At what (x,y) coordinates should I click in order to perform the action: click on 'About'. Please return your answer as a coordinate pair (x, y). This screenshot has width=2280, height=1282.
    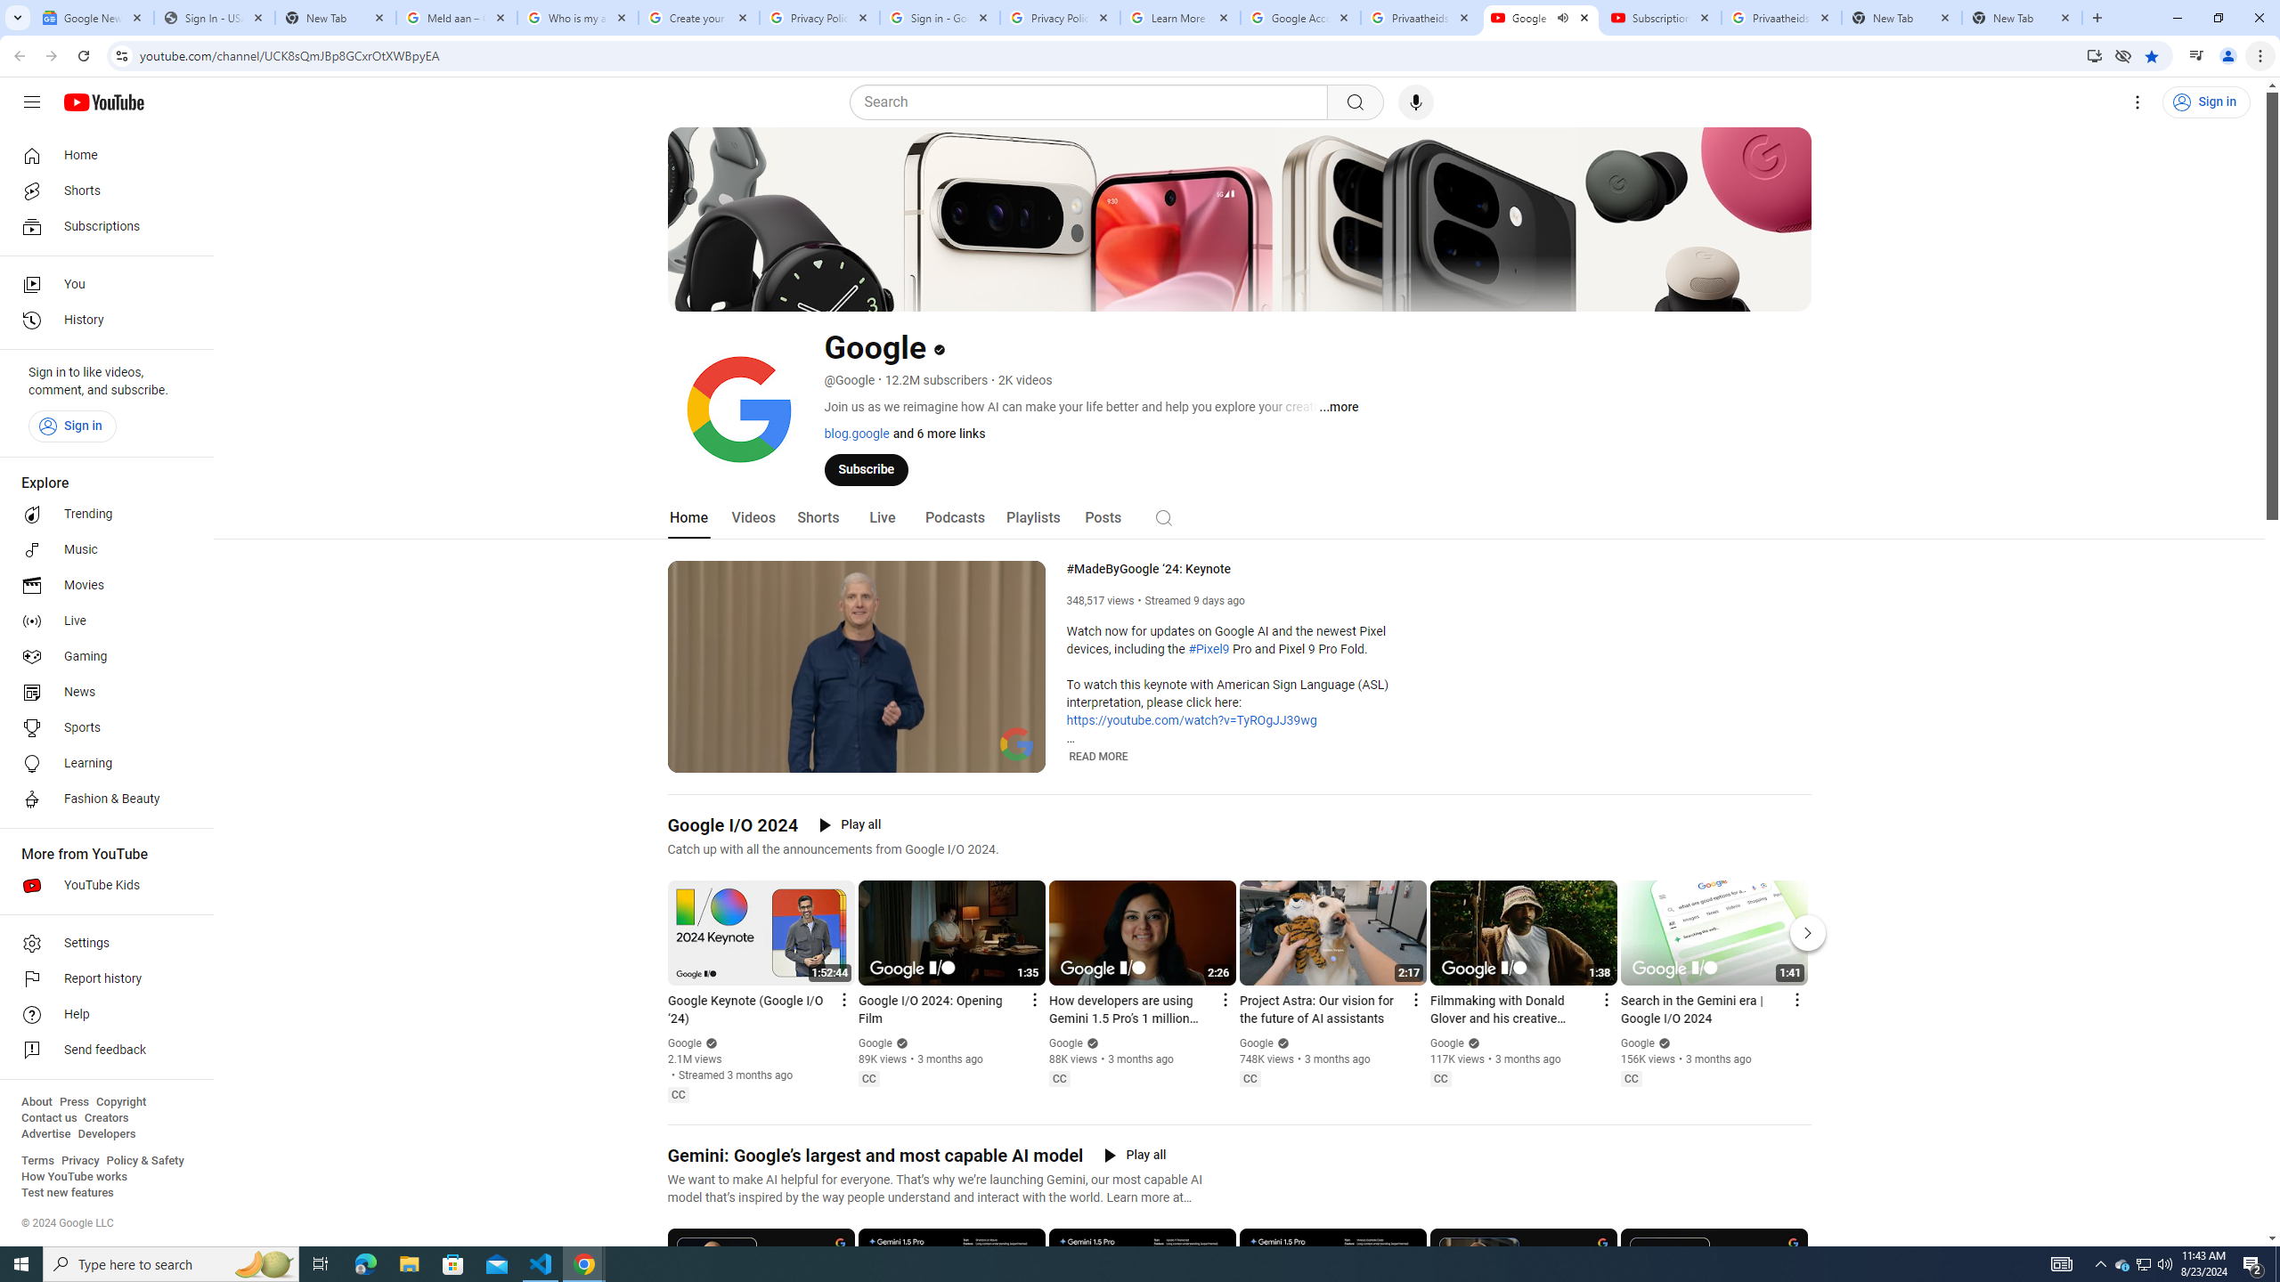
    Looking at the image, I should click on (36, 1101).